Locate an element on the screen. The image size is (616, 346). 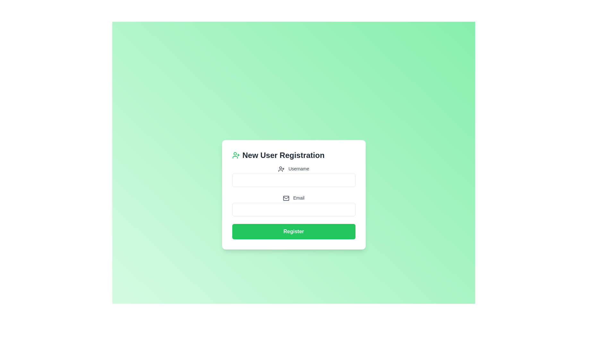
the label that indicates the purpose of the email input field, which is located in the middle section of the form above the email input field is located at coordinates (293, 198).